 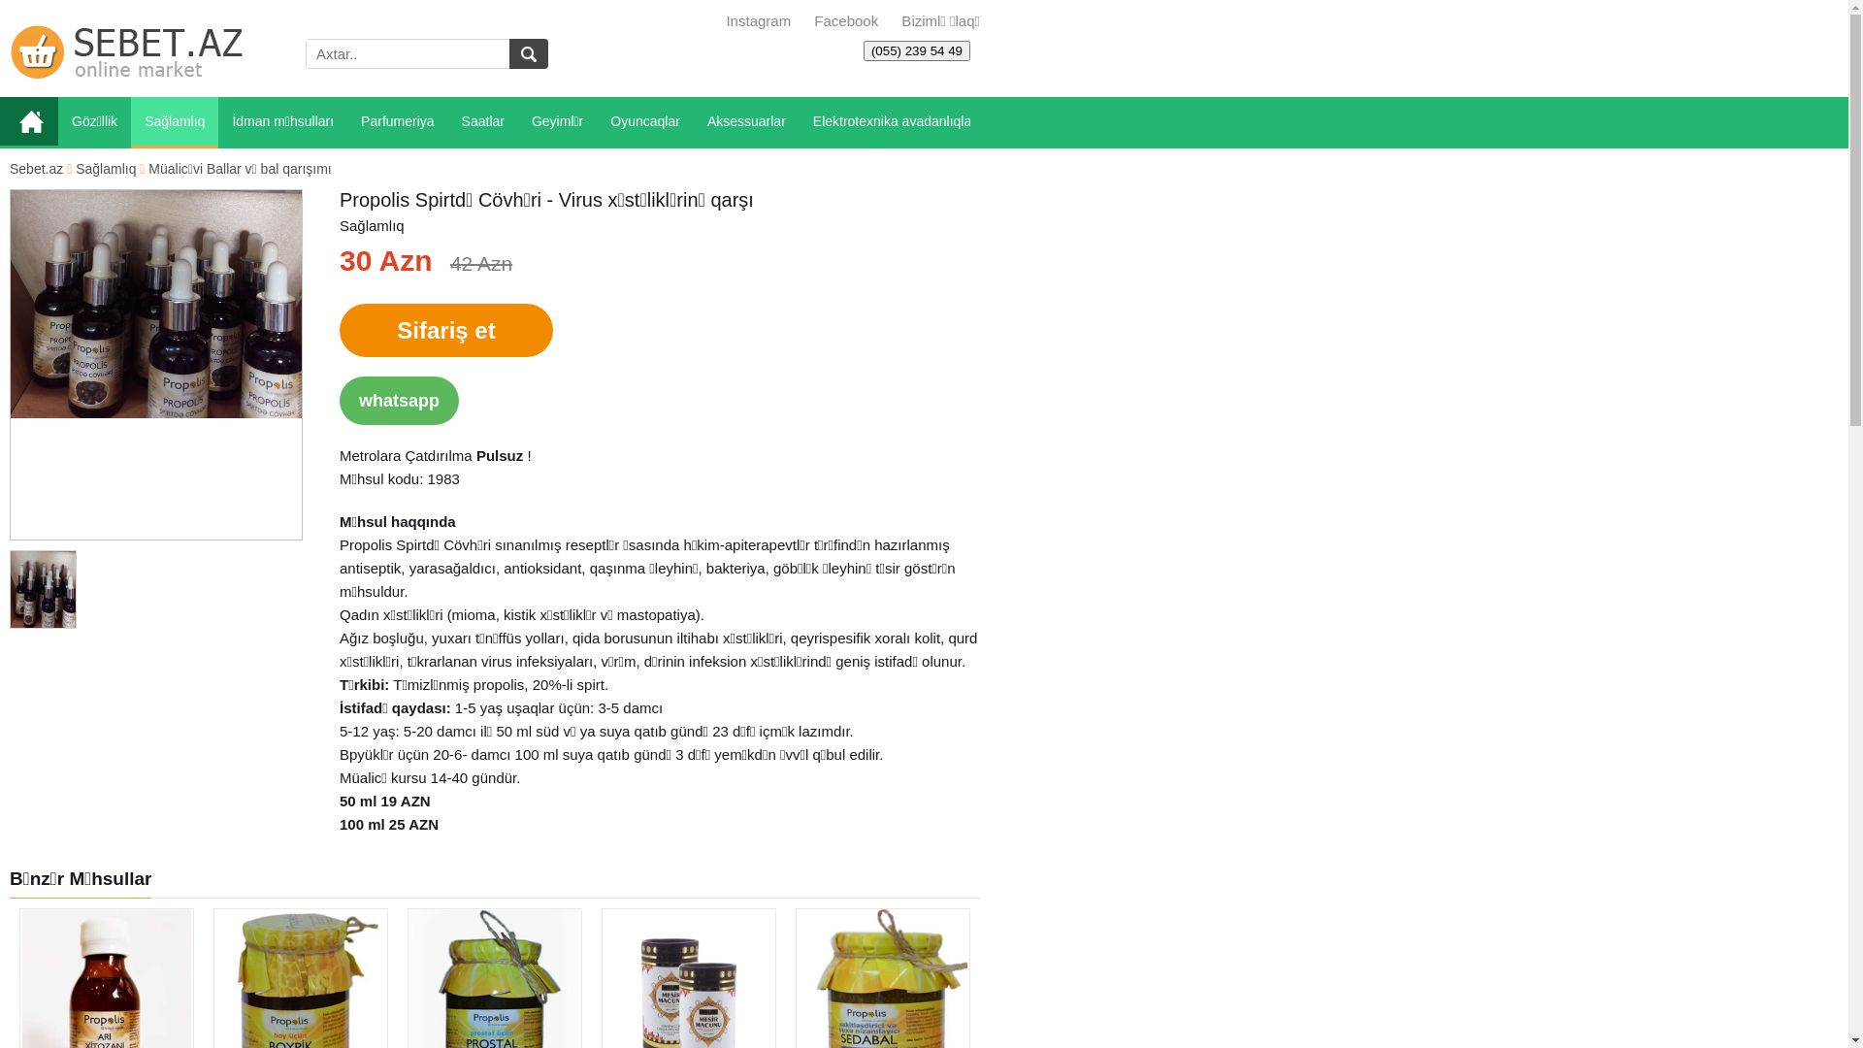 What do you see at coordinates (757, 20) in the screenshot?
I see `'Instagram'` at bounding box center [757, 20].